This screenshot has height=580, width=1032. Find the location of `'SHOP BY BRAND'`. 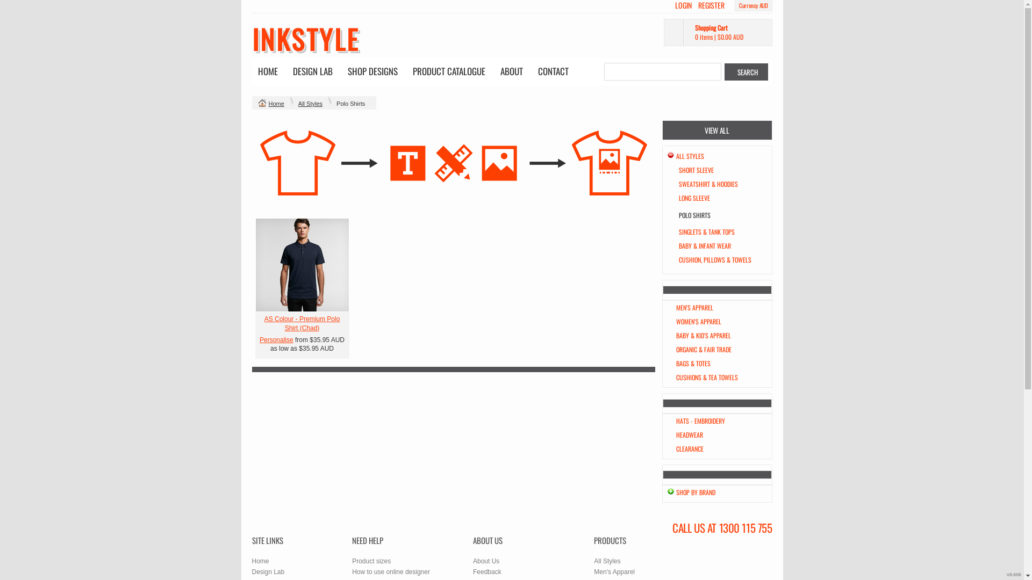

'SHOP BY BRAND' is located at coordinates (696, 492).